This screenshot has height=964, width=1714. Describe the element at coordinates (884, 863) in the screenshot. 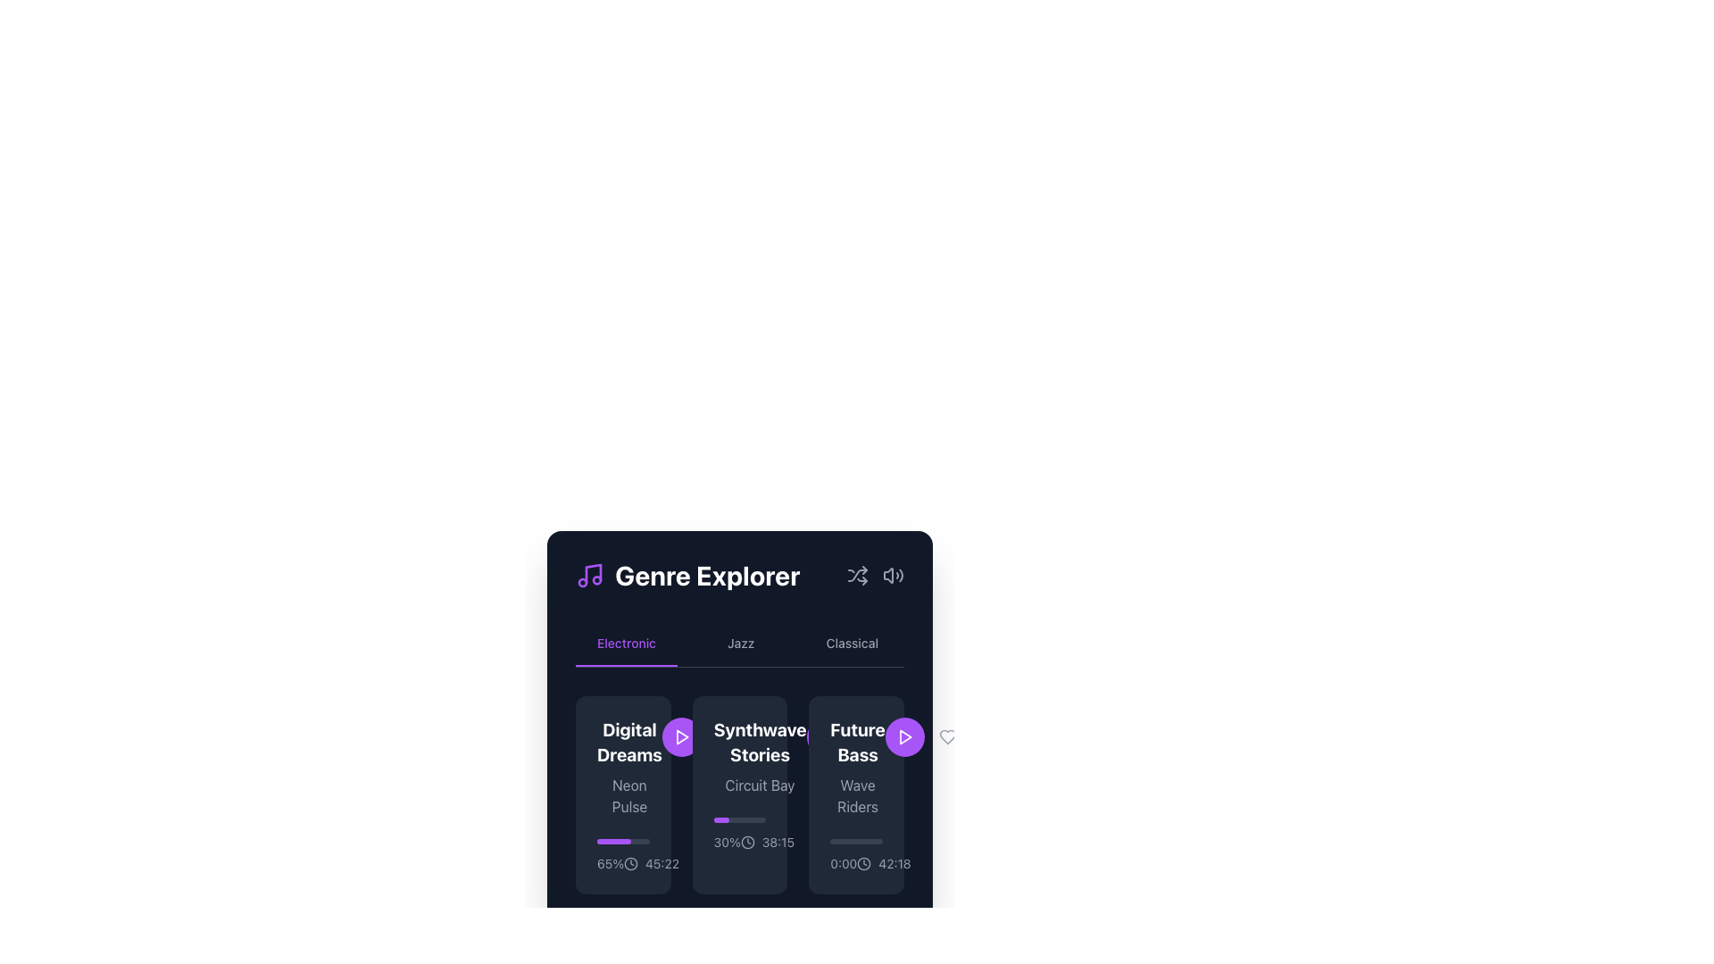

I see `the text-based informational display that shows the time duration for the 'Future Bass' audio track, located at the bottom-right corner of its card, aligned with the clock icon` at that location.